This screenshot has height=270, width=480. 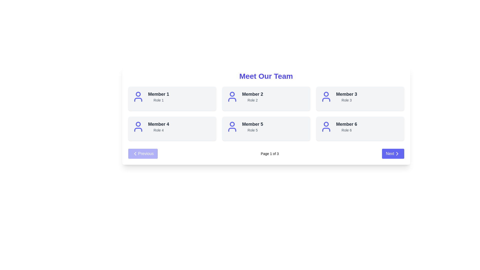 What do you see at coordinates (346, 126) in the screenshot?
I see `text information displayed in the Text Block containing 'Member 6' and 'Role 6', located in the bottom-right position of a 2x3 grid layout` at bounding box center [346, 126].